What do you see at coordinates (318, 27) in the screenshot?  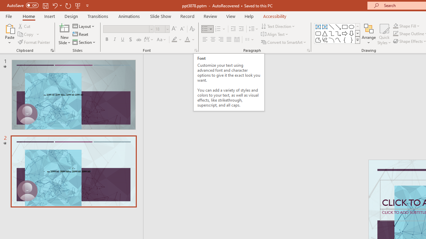 I see `'Text Box'` at bounding box center [318, 27].